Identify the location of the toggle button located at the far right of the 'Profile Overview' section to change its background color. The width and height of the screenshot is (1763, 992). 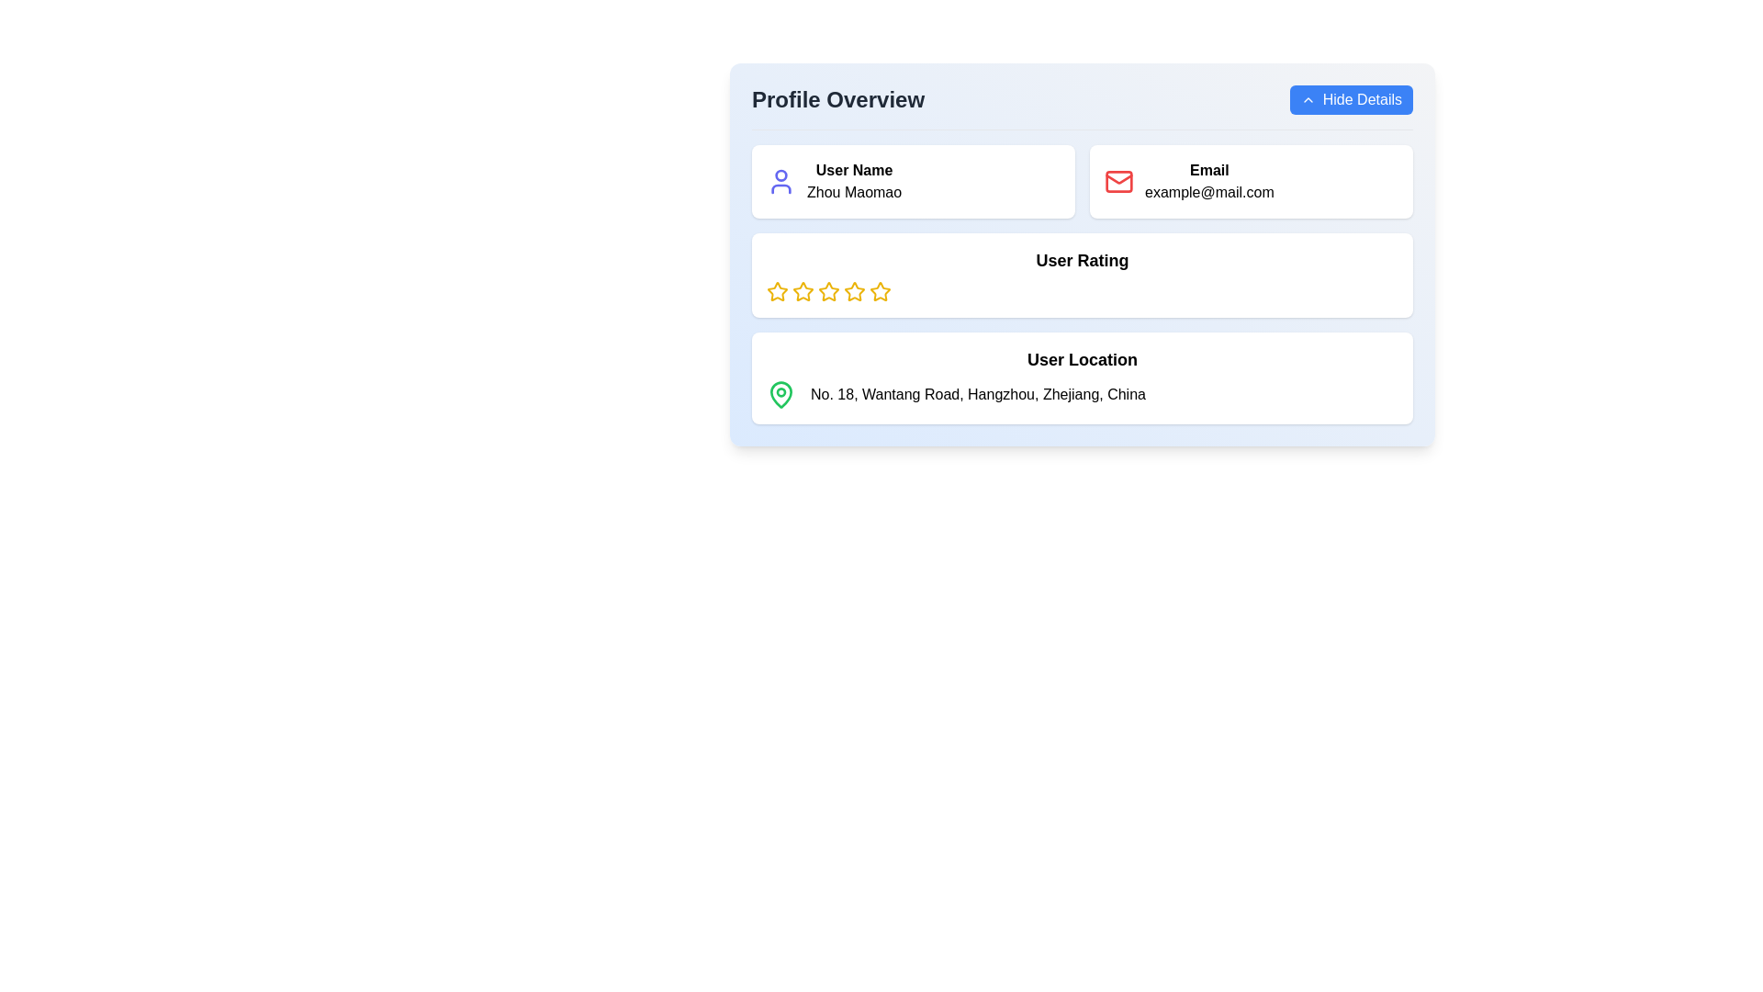
(1351, 99).